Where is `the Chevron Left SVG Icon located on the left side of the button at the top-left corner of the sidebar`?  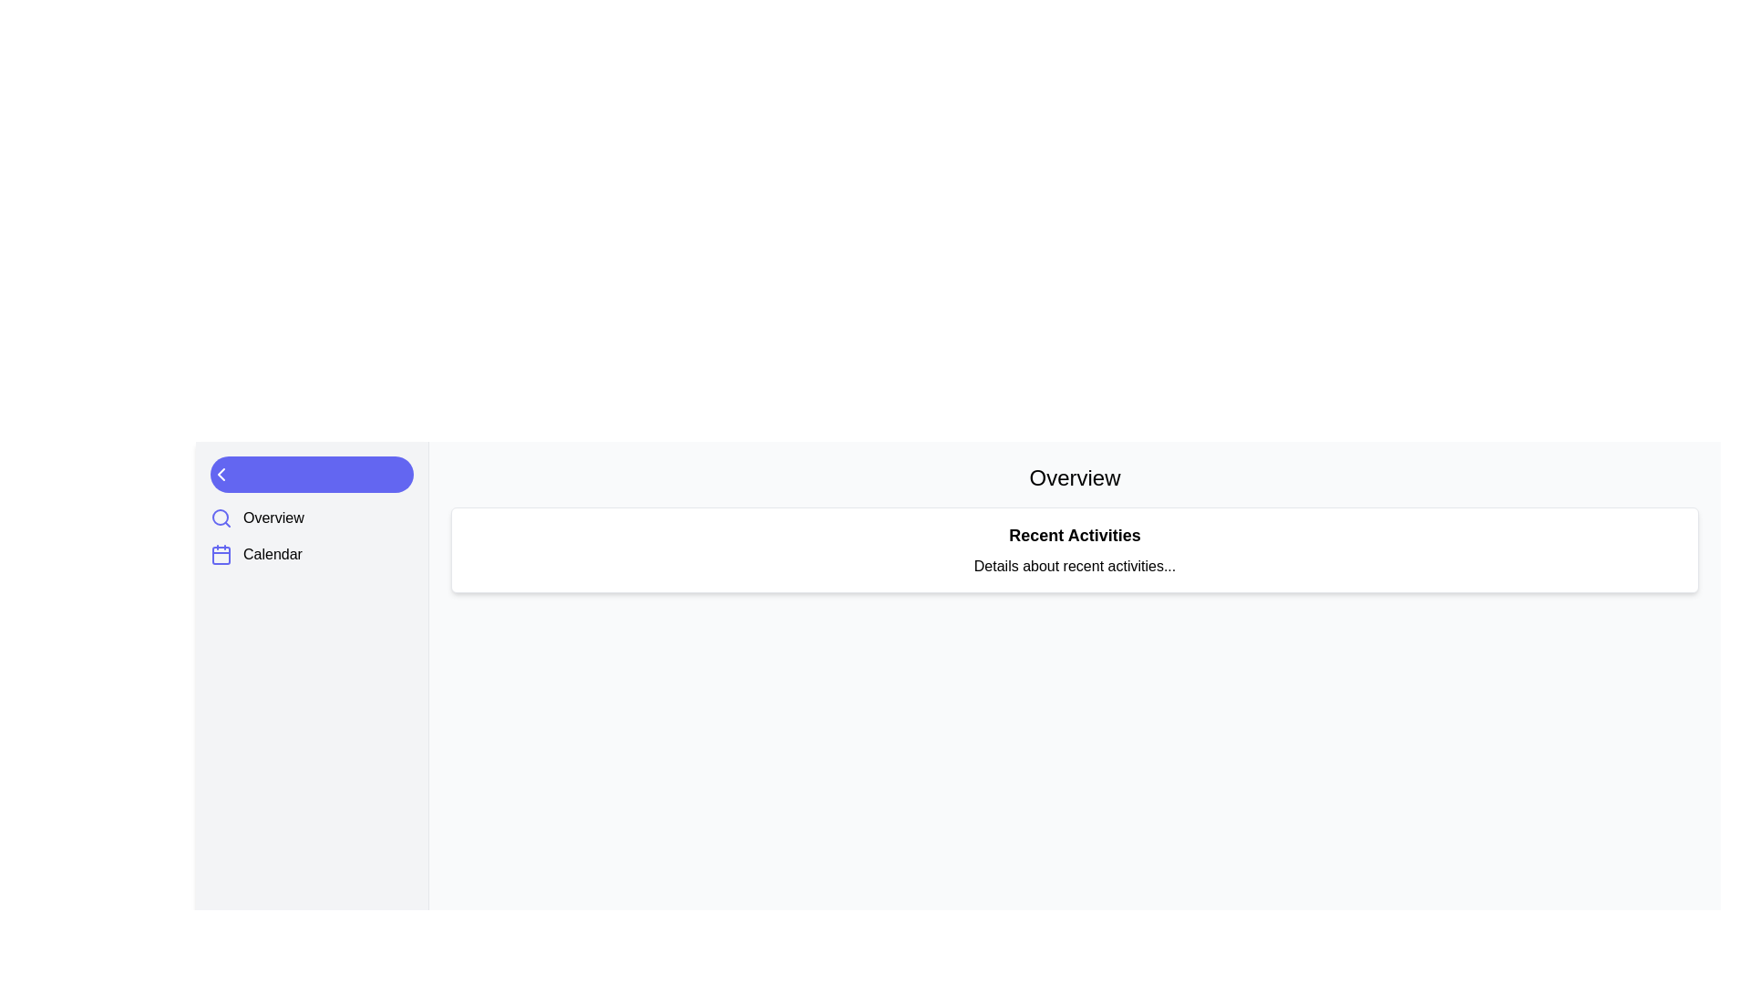 the Chevron Left SVG Icon located on the left side of the button at the top-left corner of the sidebar is located at coordinates (221, 473).